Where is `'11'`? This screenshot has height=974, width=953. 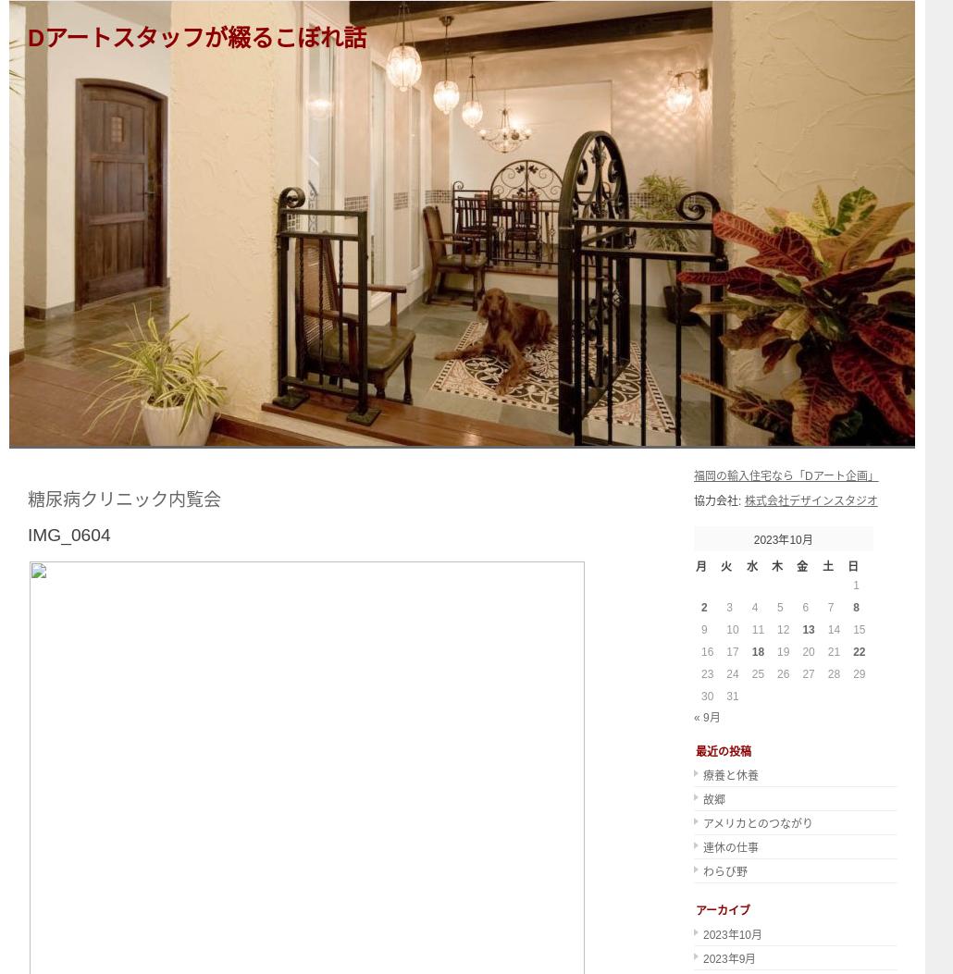
'11' is located at coordinates (756, 629).